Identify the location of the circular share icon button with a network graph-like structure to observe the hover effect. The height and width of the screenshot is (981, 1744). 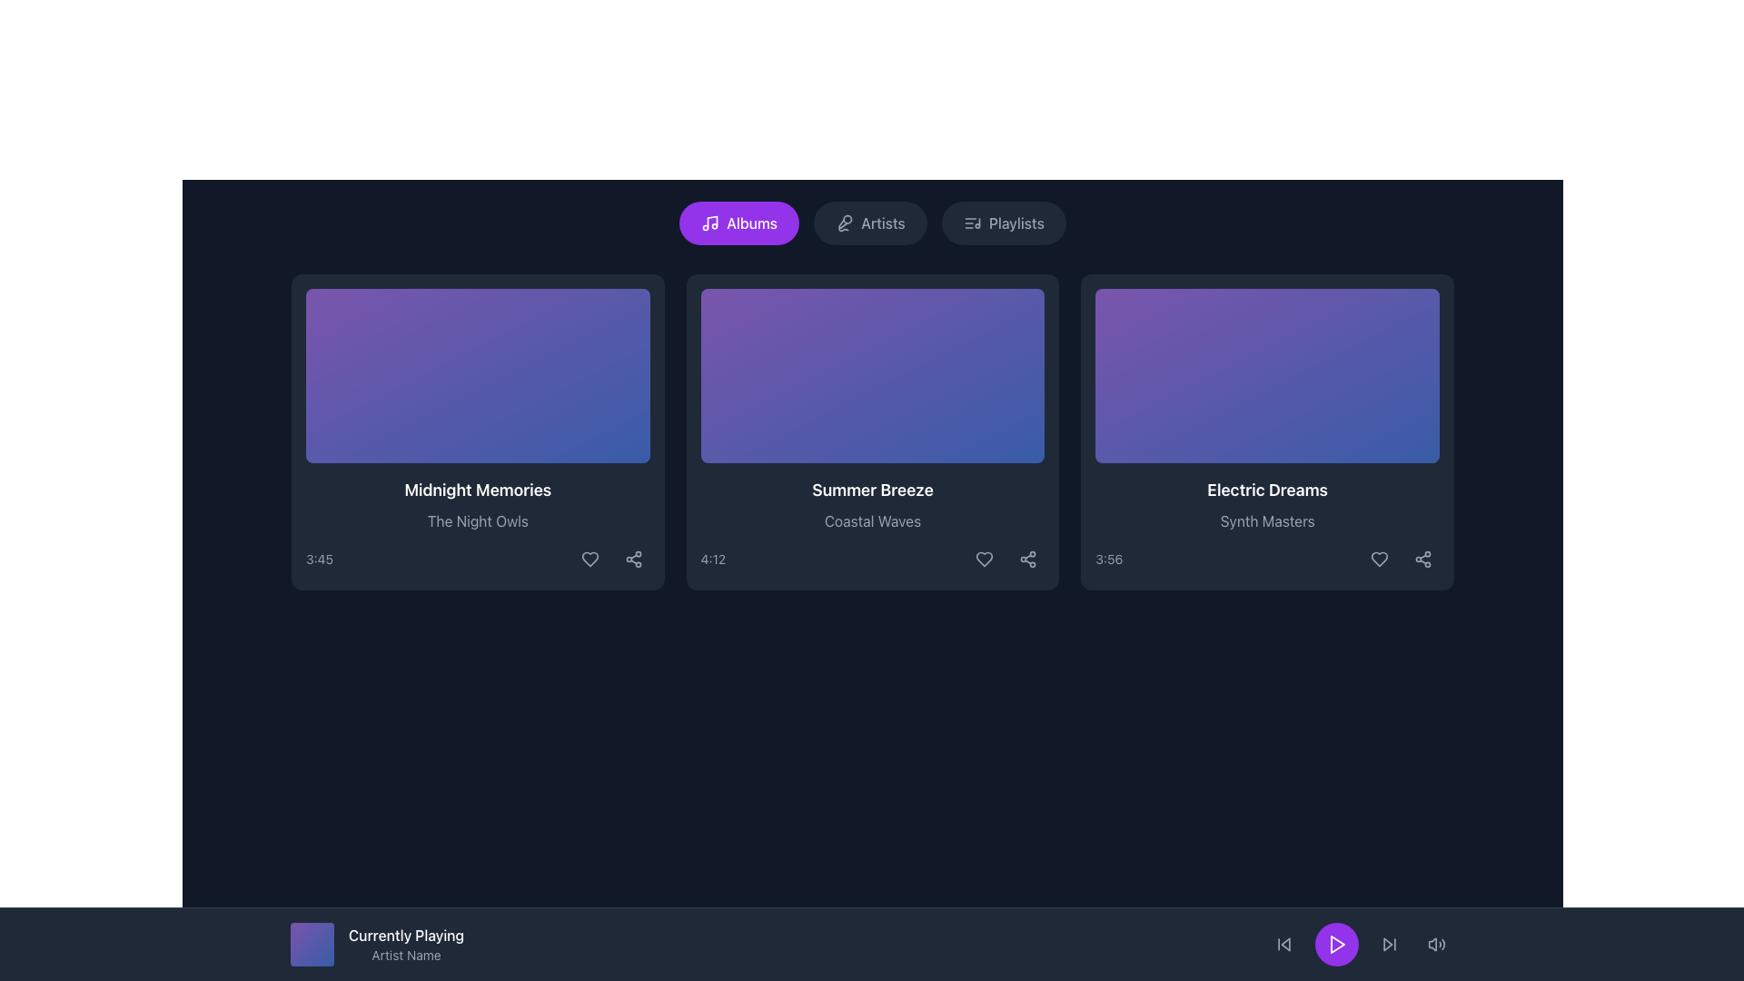
(1028, 559).